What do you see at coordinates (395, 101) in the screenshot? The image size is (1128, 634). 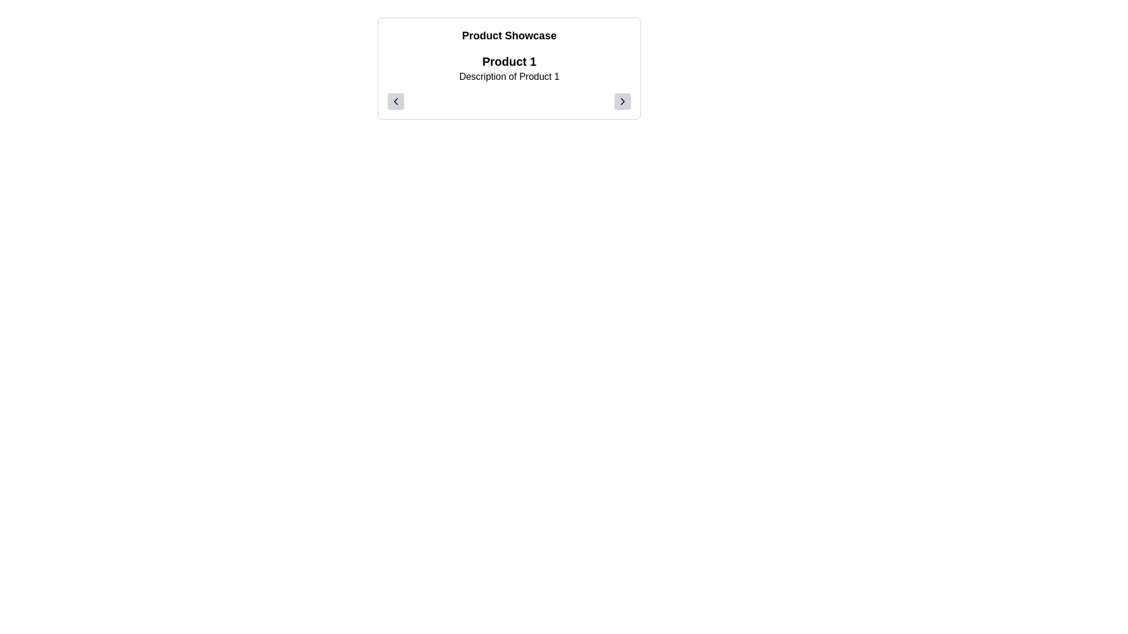 I see `the Icon Button located to the left of the 'Product Showcase' content area` at bounding box center [395, 101].